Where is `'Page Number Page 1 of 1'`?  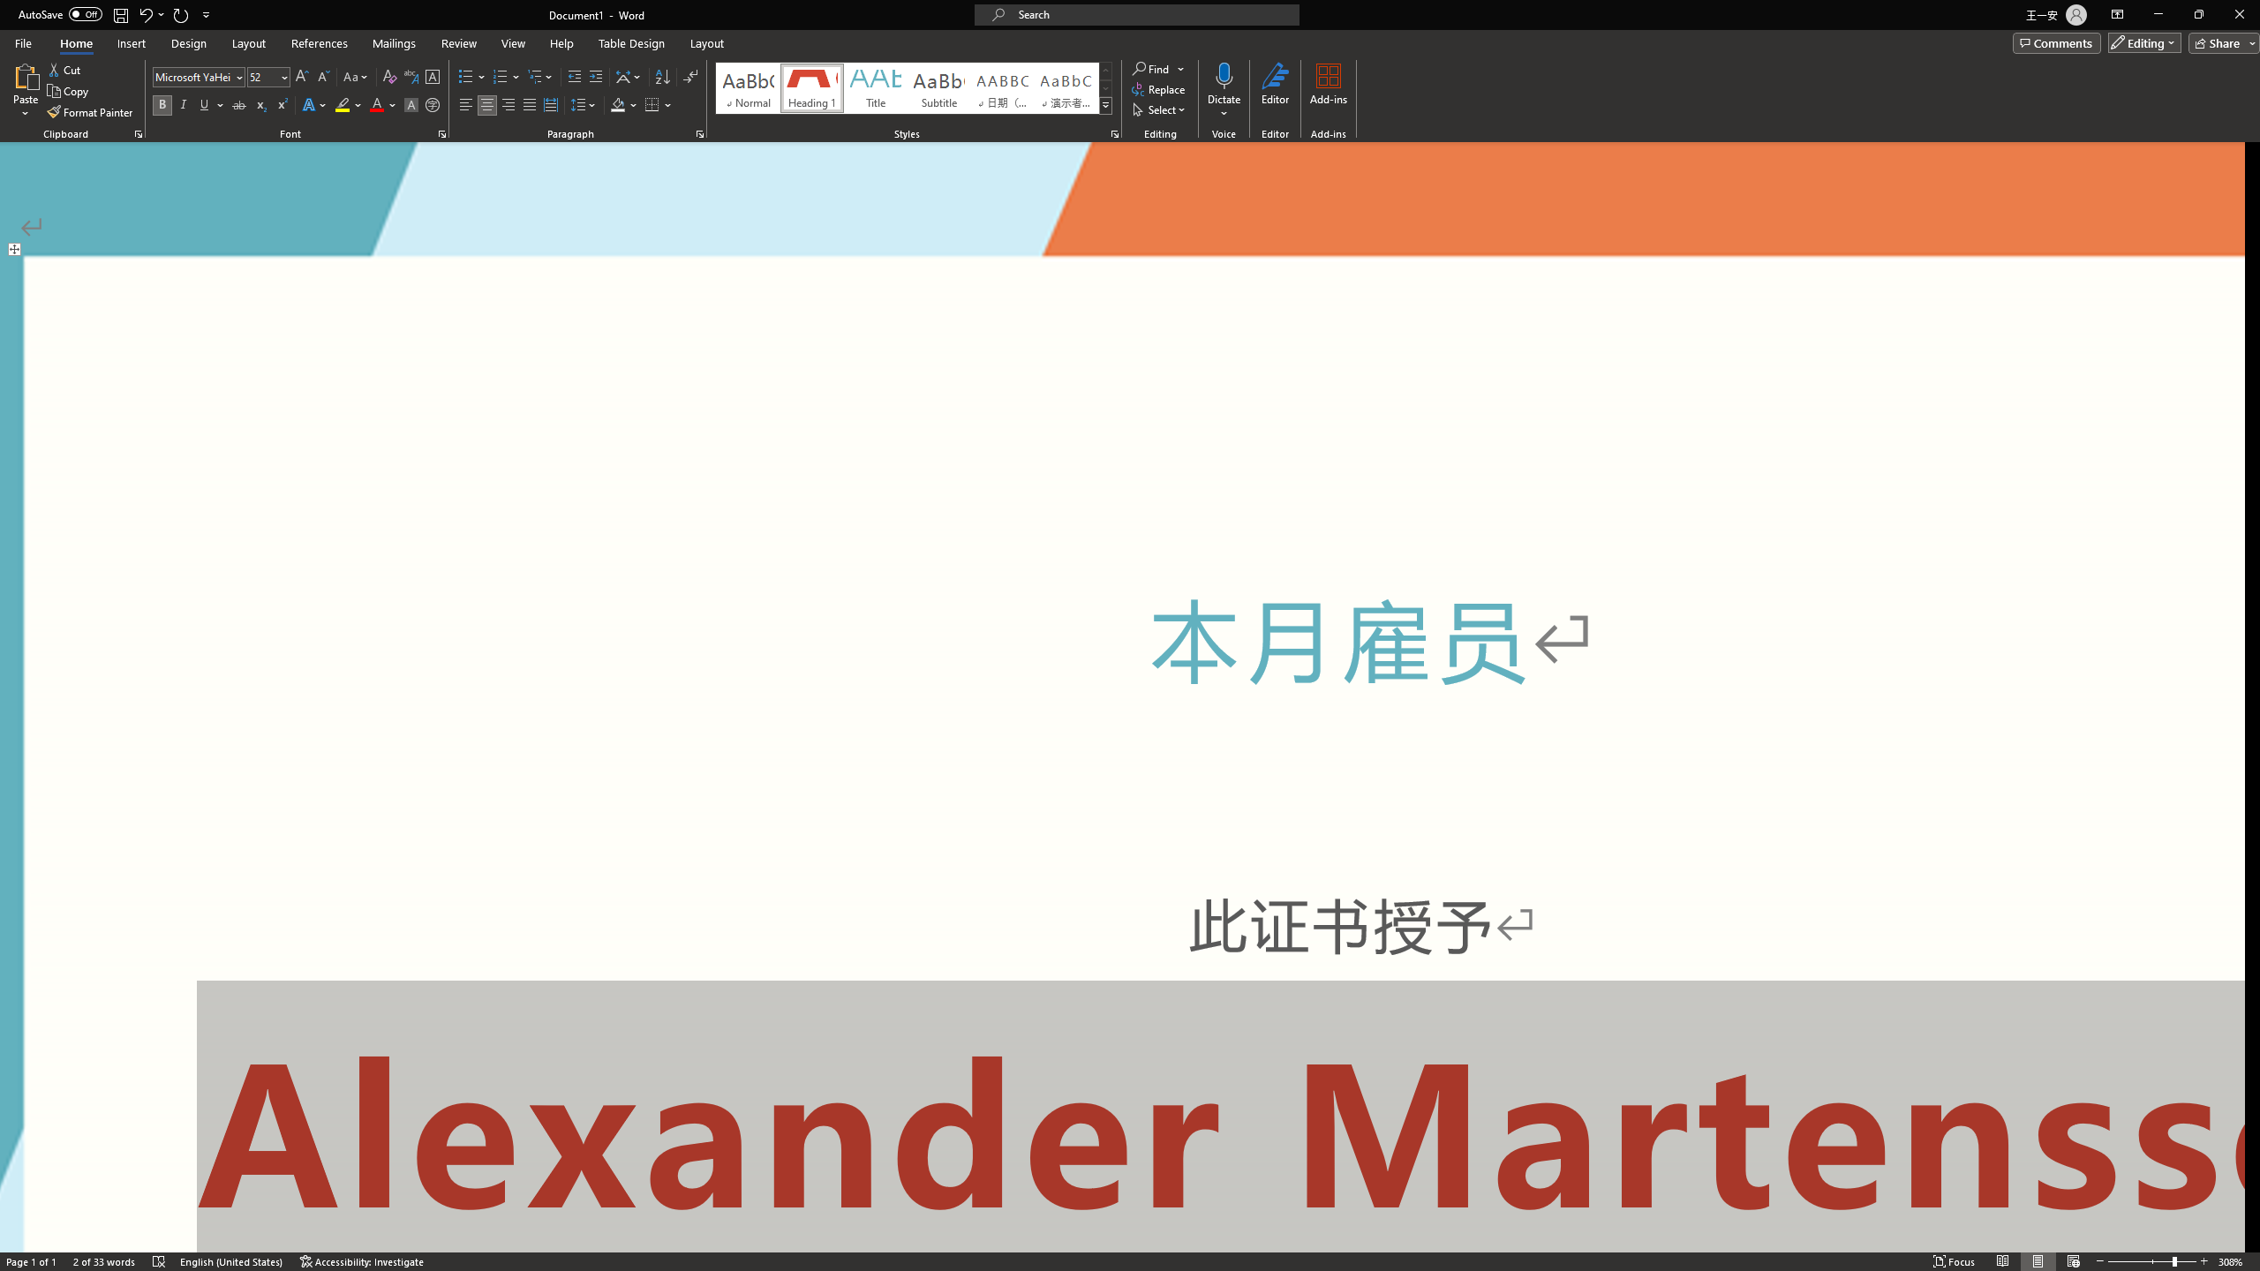
'Page Number Page 1 of 1' is located at coordinates (35, 1226).